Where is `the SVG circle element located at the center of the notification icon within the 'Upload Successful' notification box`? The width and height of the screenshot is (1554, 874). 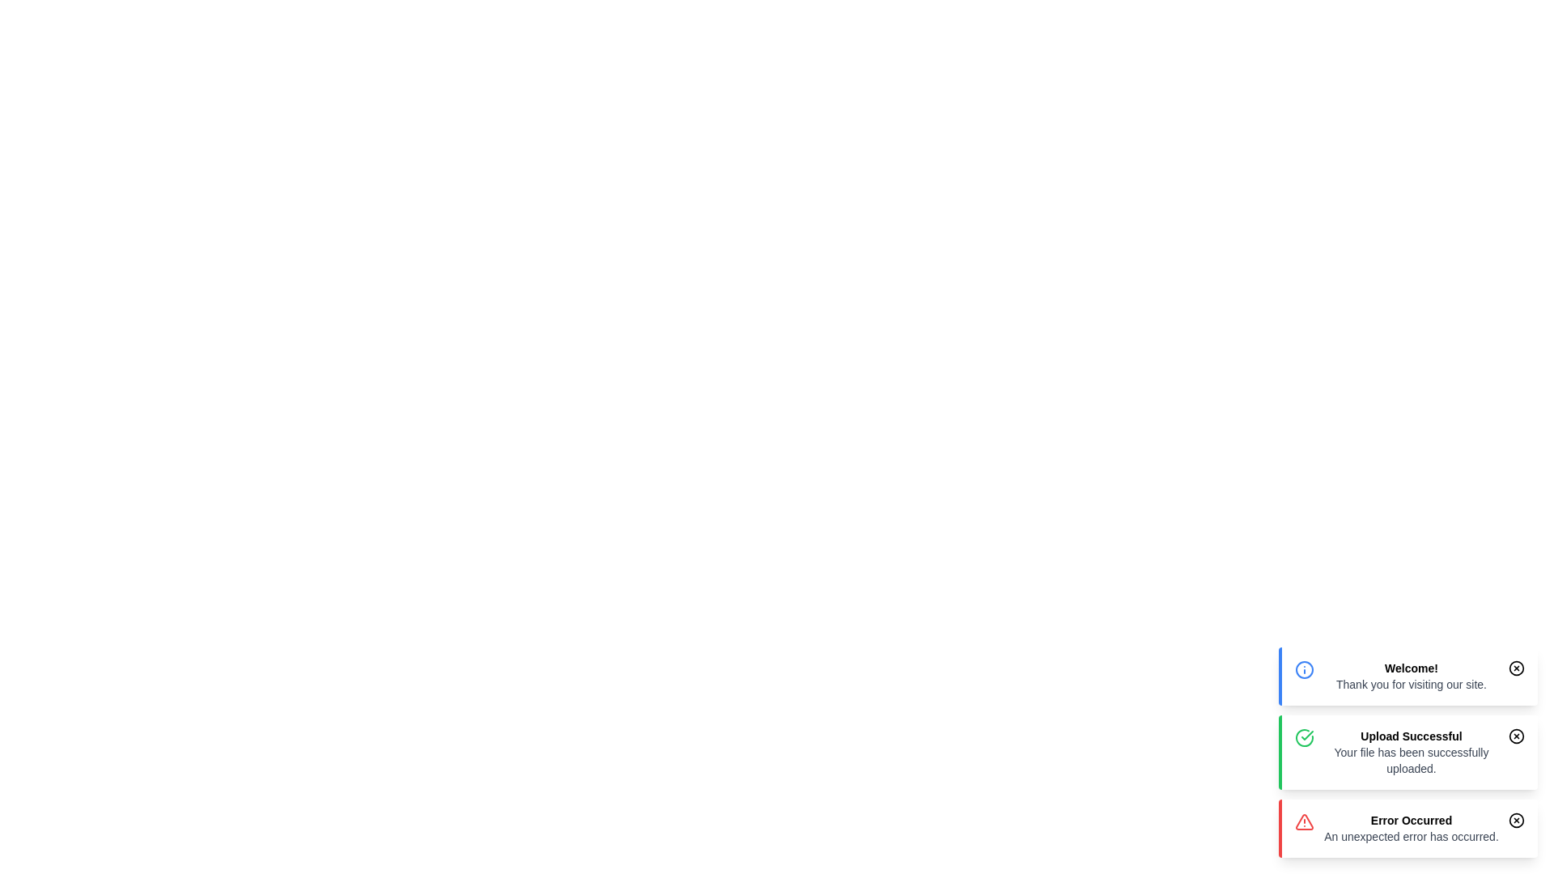 the SVG circle element located at the center of the notification icon within the 'Upload Successful' notification box is located at coordinates (1515, 736).